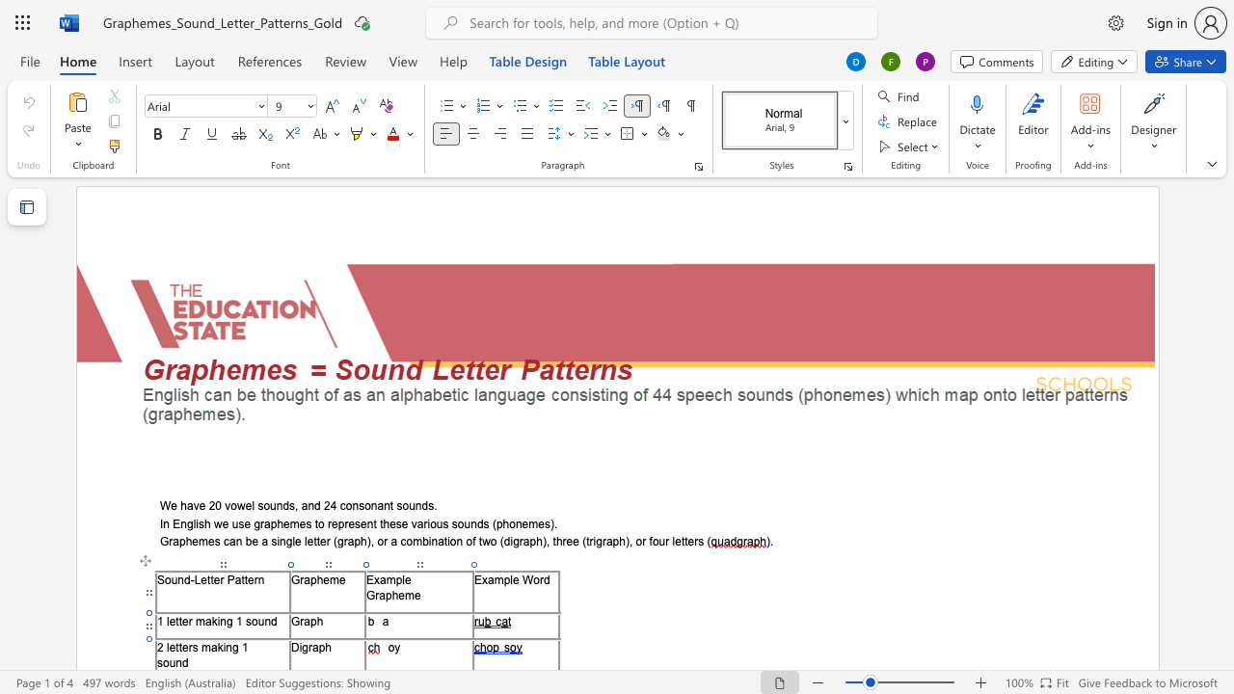  What do you see at coordinates (166, 661) in the screenshot?
I see `the 1th character "o" in the text` at bounding box center [166, 661].